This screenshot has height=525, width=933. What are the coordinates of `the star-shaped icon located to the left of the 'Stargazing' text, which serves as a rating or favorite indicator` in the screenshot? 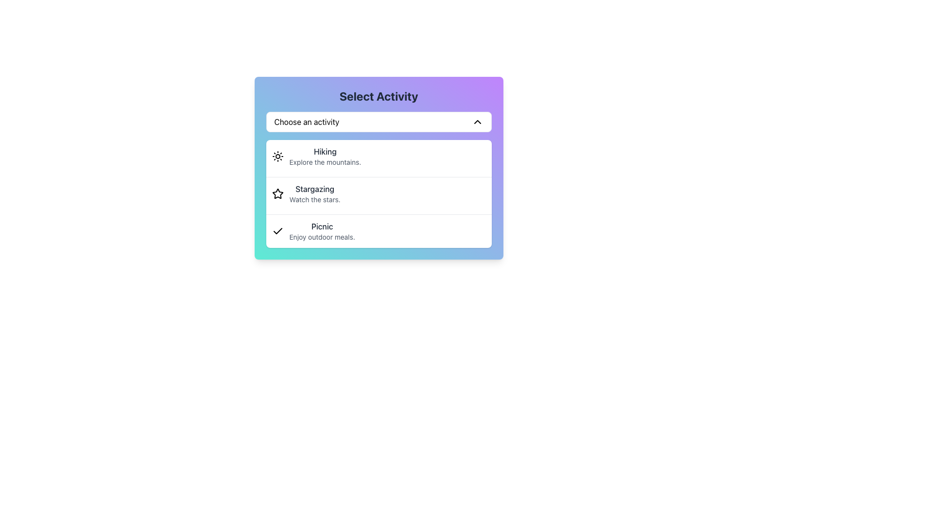 It's located at (277, 193).